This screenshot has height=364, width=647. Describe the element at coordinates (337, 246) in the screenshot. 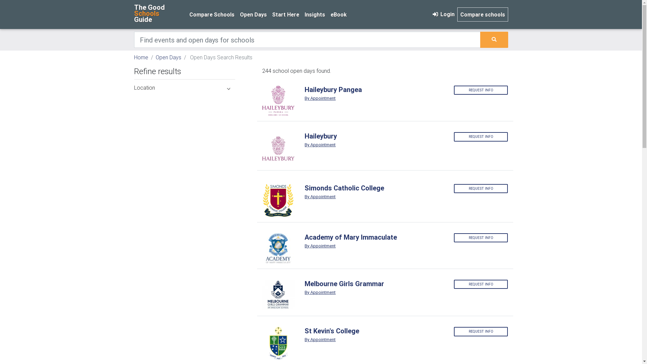

I see `'By Appointment'` at that location.